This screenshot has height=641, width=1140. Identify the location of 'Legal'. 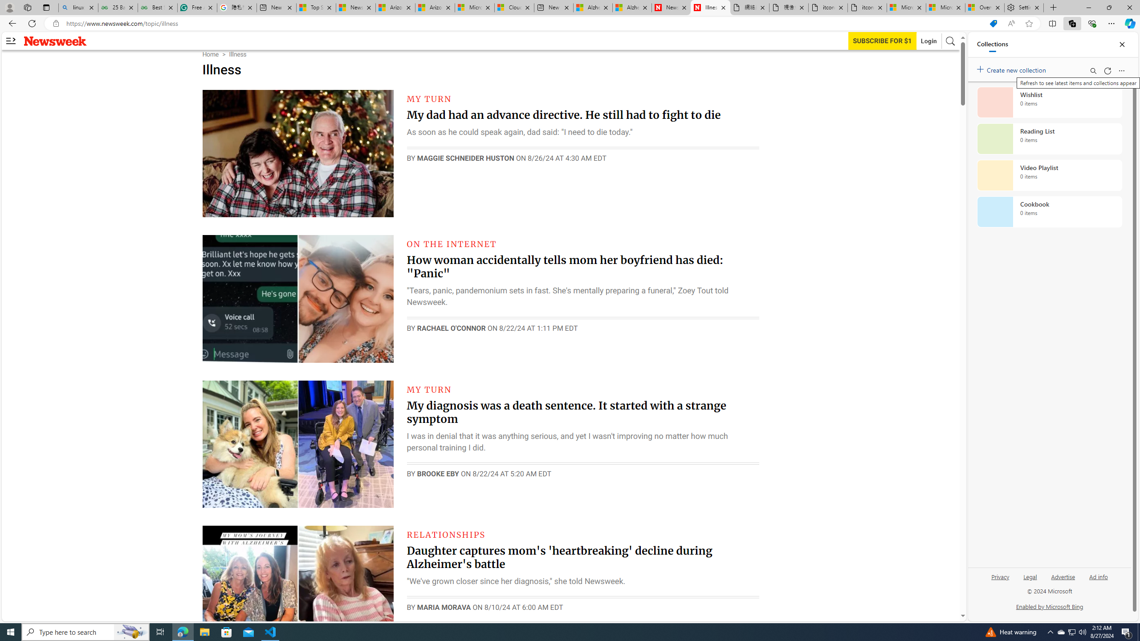
(1030, 576).